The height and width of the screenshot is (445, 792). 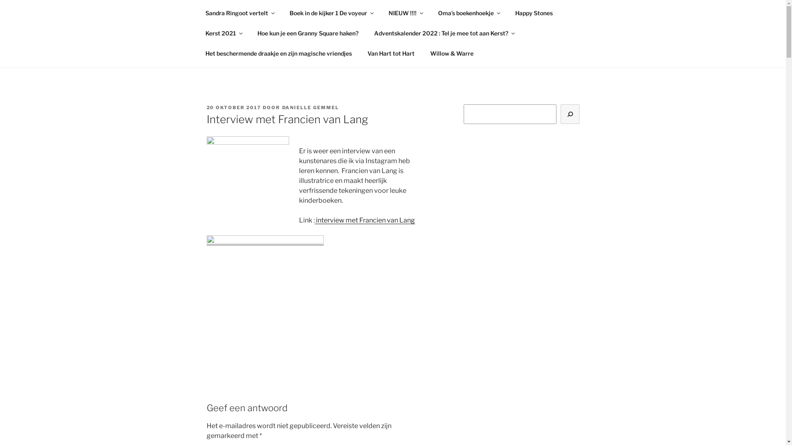 What do you see at coordinates (282, 12) in the screenshot?
I see `'Boek in de kijker 1 De voyeur'` at bounding box center [282, 12].